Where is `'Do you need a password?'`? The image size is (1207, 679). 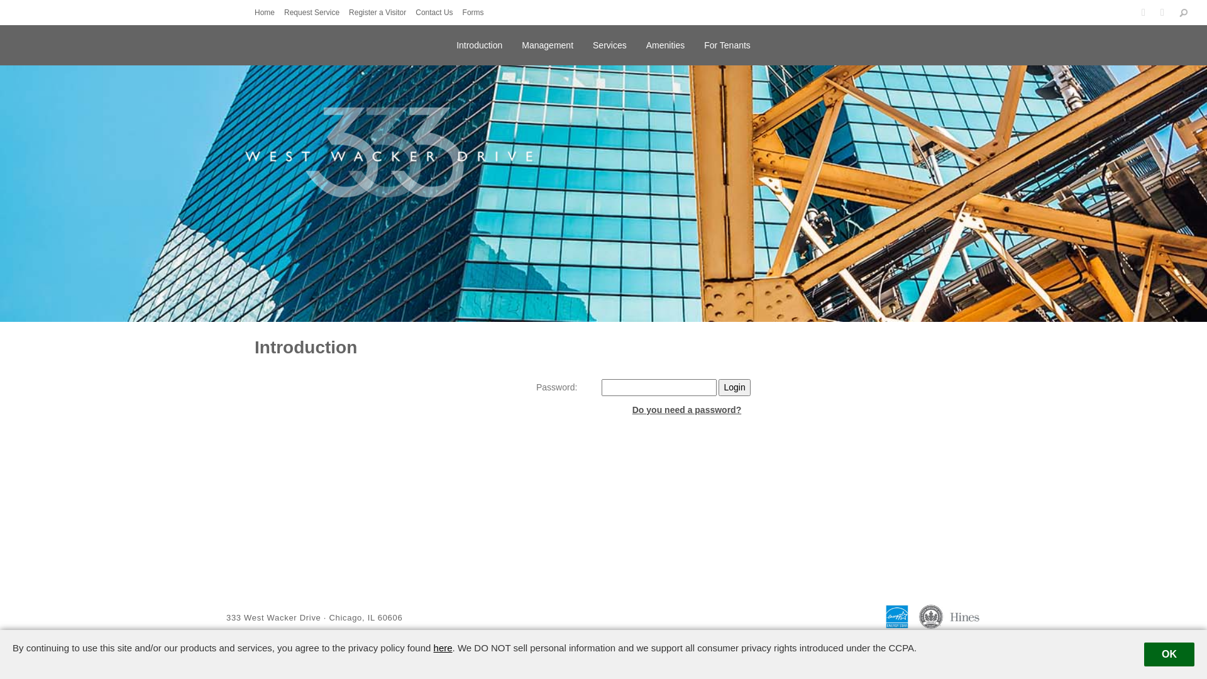
'Do you need a password?' is located at coordinates (686, 409).